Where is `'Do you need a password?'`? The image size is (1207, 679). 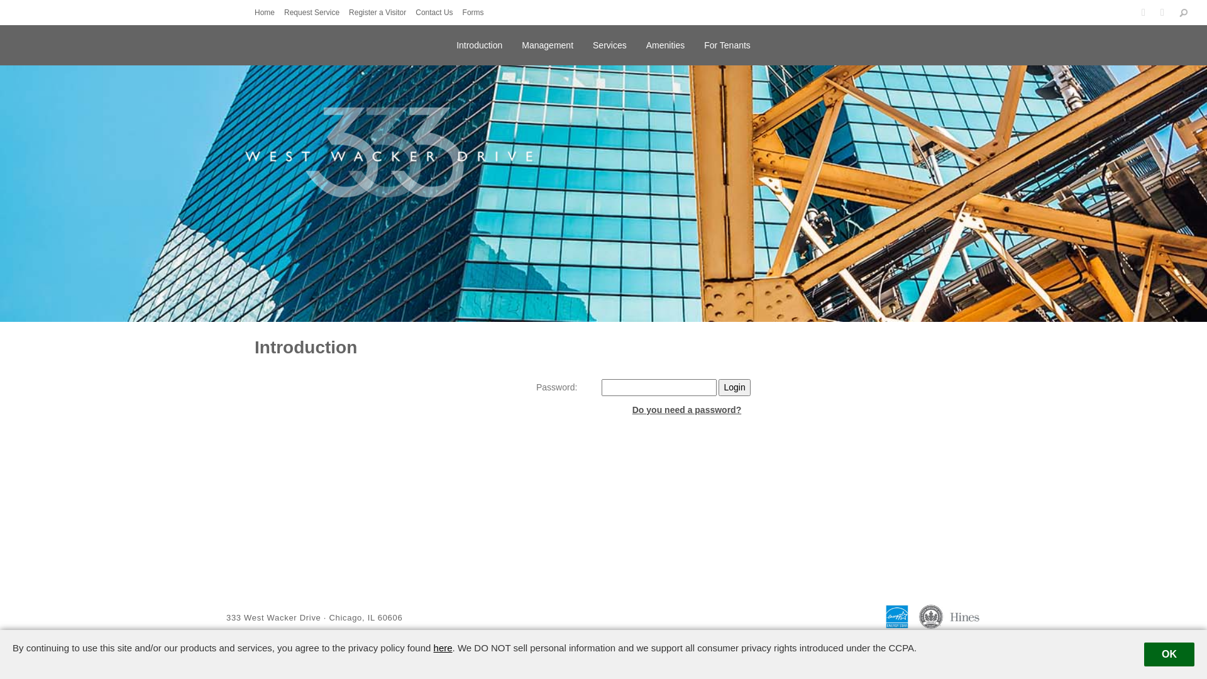
'Do you need a password?' is located at coordinates (686, 409).